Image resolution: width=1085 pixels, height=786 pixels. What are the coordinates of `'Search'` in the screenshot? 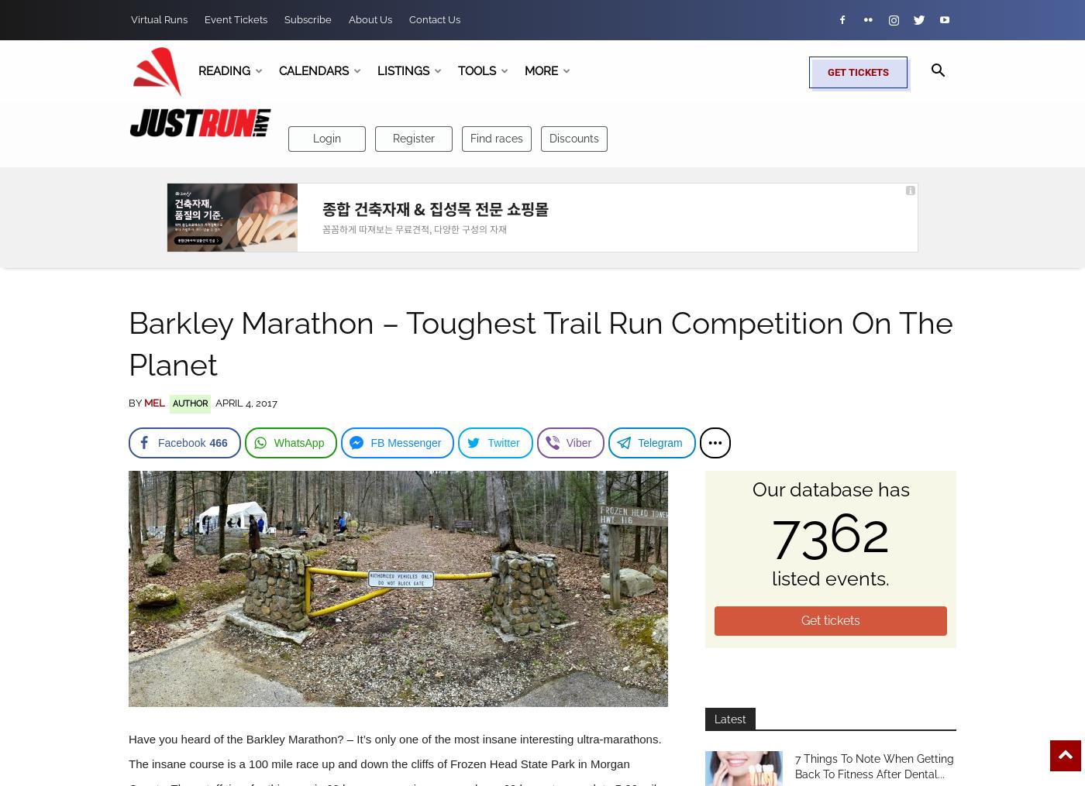 It's located at (542, 77).